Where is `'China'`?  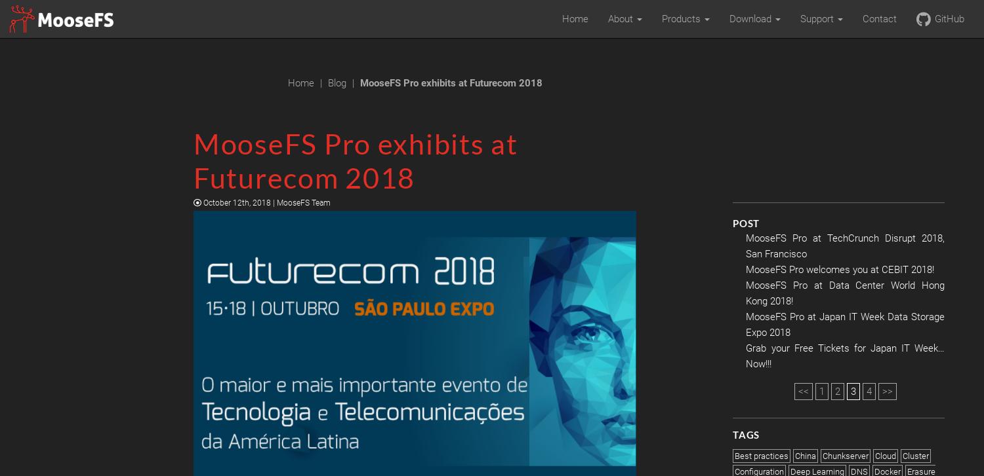 'China' is located at coordinates (794, 455).